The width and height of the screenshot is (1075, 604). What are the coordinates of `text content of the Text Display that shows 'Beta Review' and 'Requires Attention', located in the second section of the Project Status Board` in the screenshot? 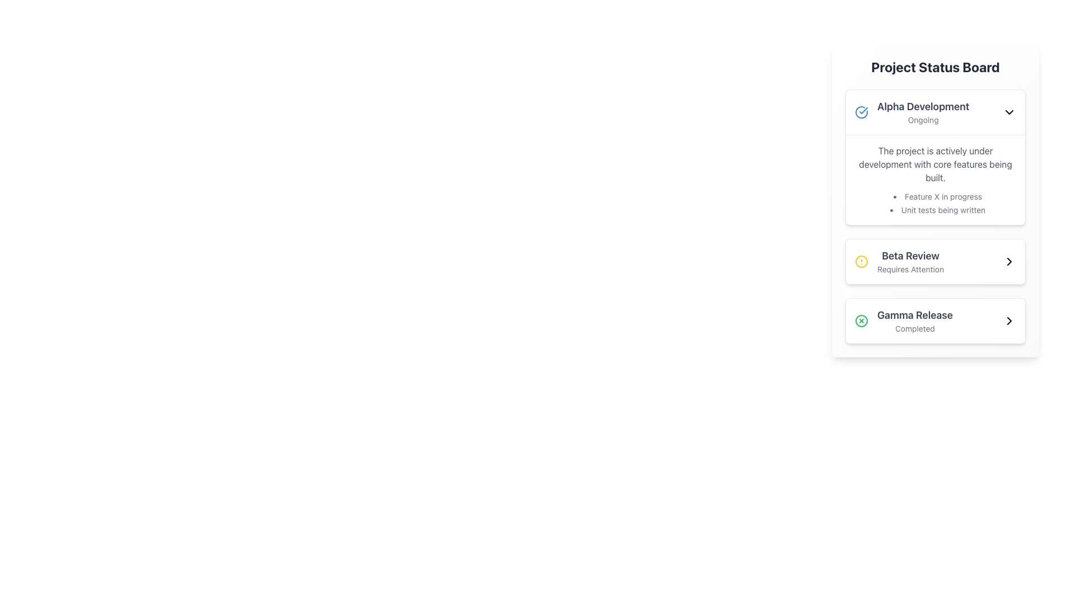 It's located at (910, 261).